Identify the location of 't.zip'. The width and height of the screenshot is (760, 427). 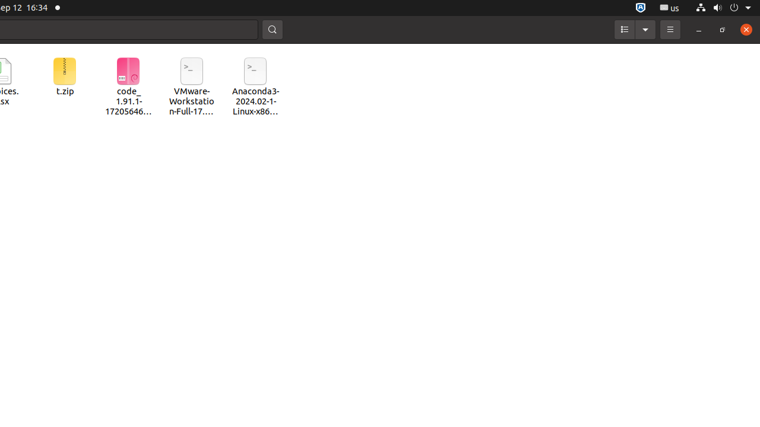
(64, 77).